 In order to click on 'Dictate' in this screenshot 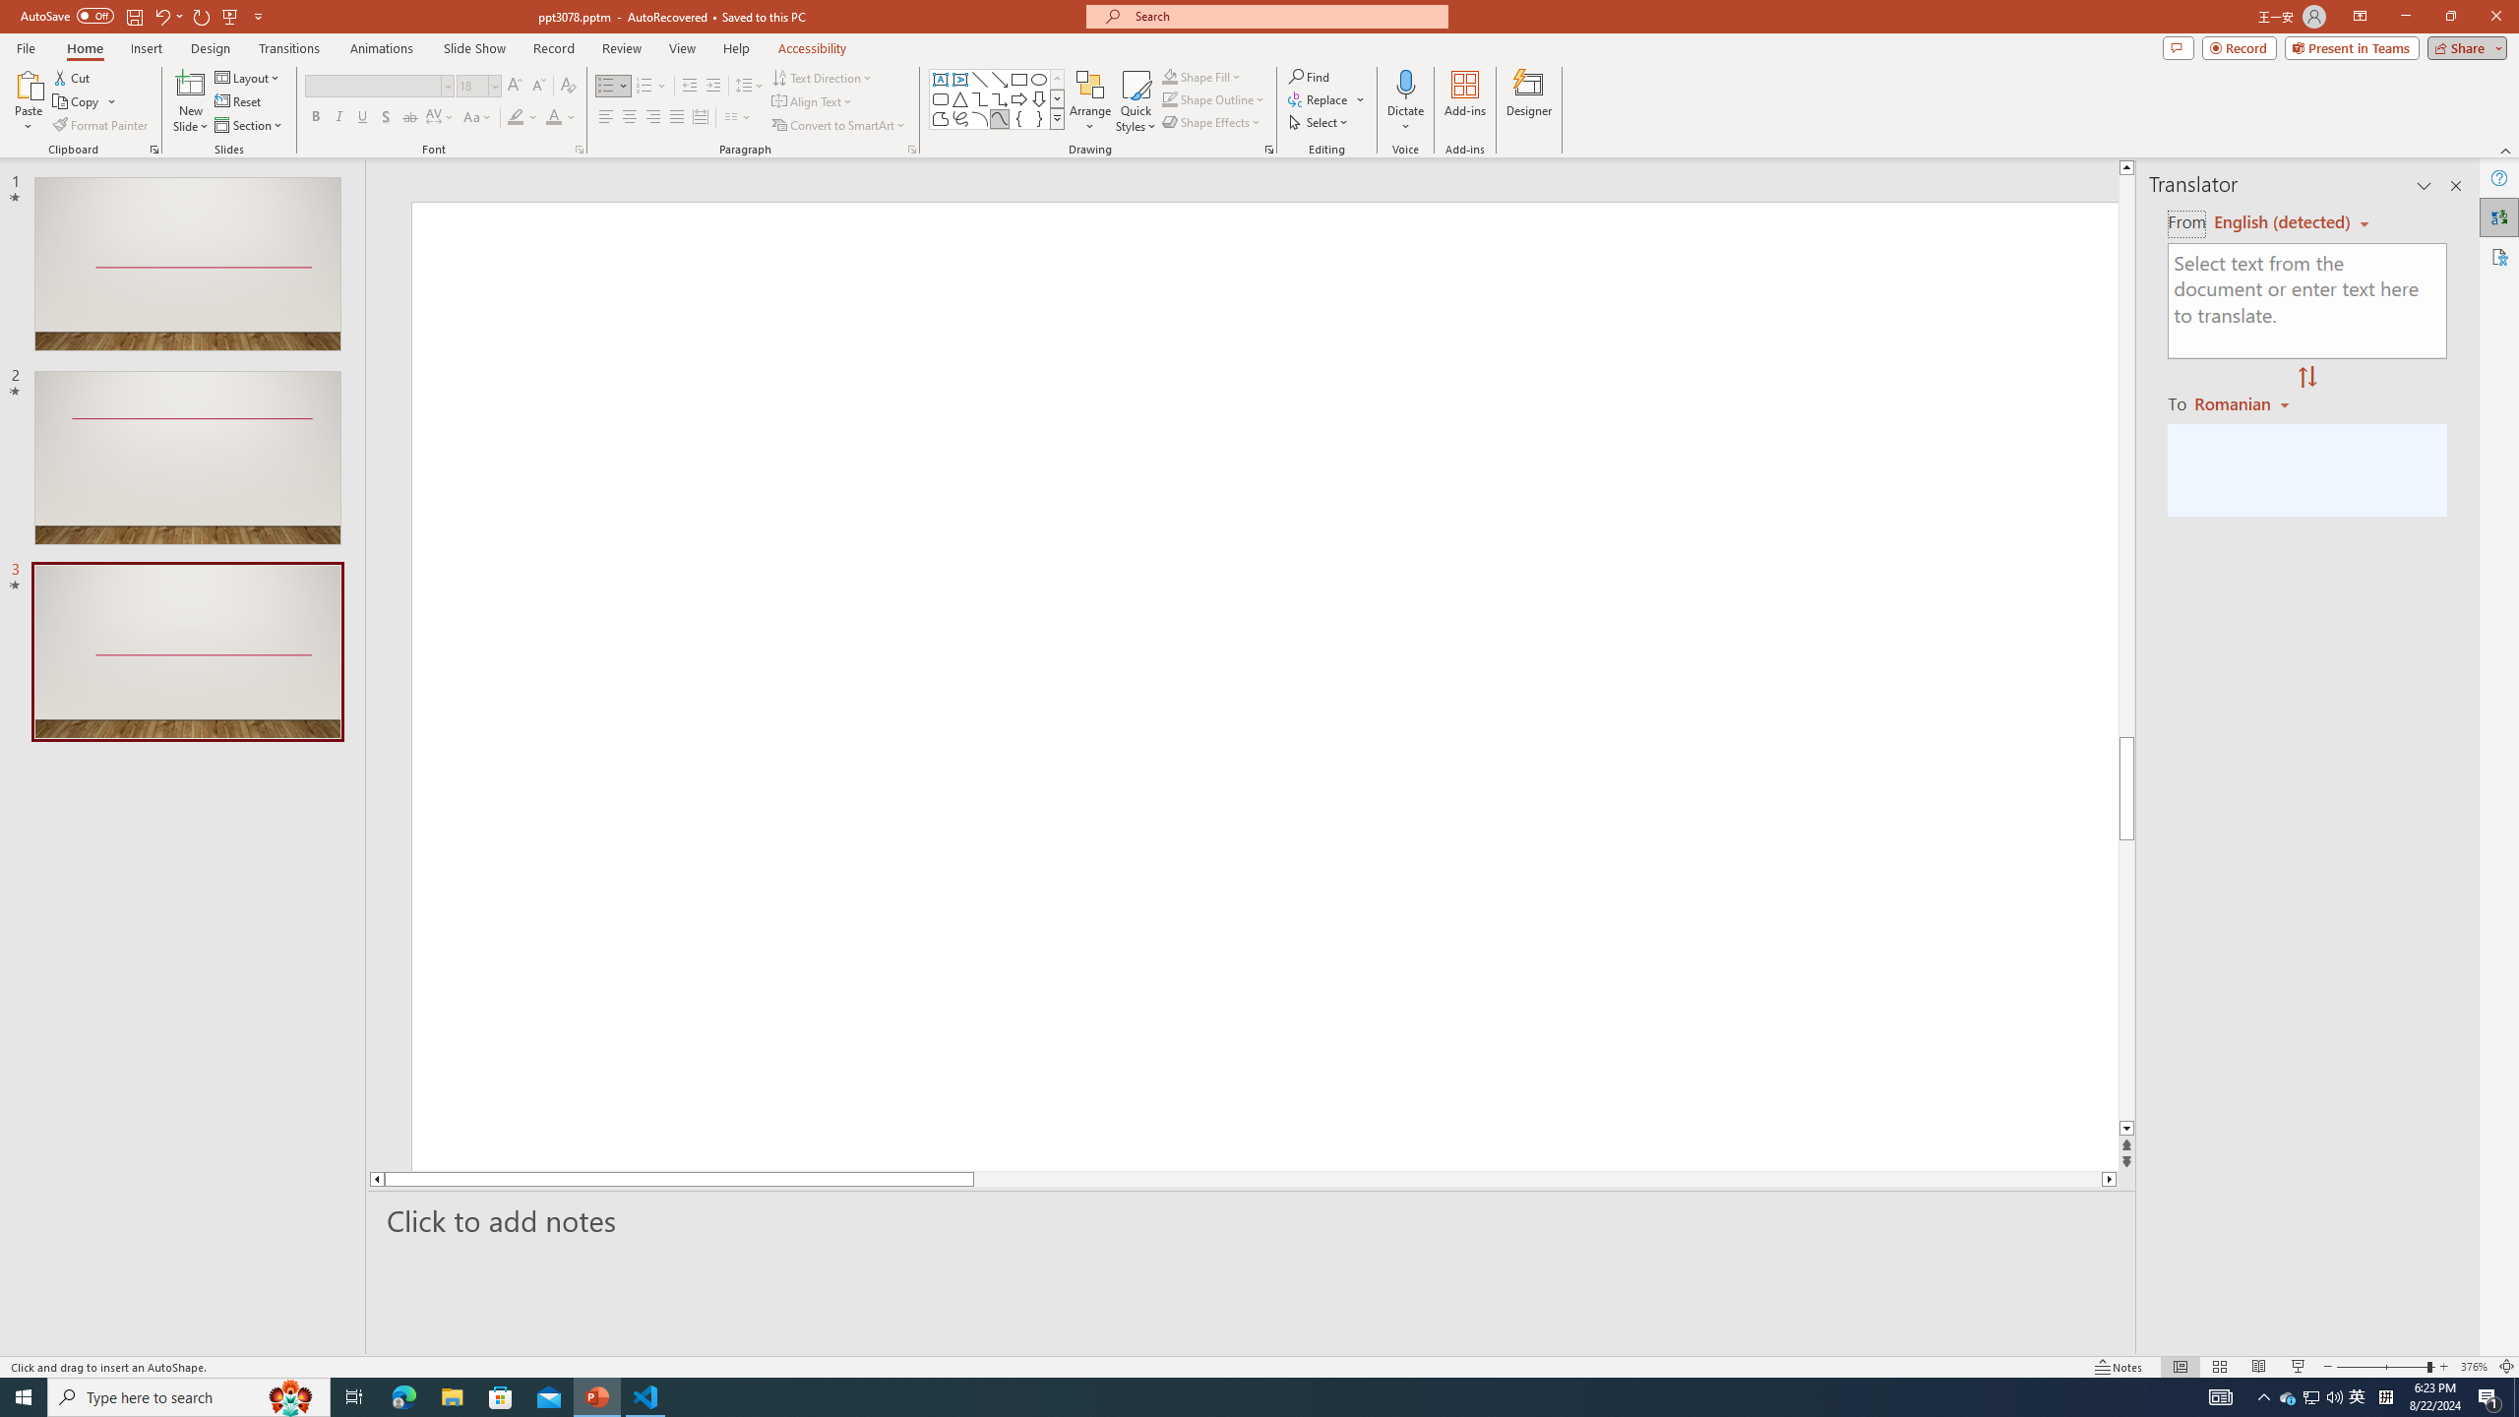, I will do `click(1404, 83)`.